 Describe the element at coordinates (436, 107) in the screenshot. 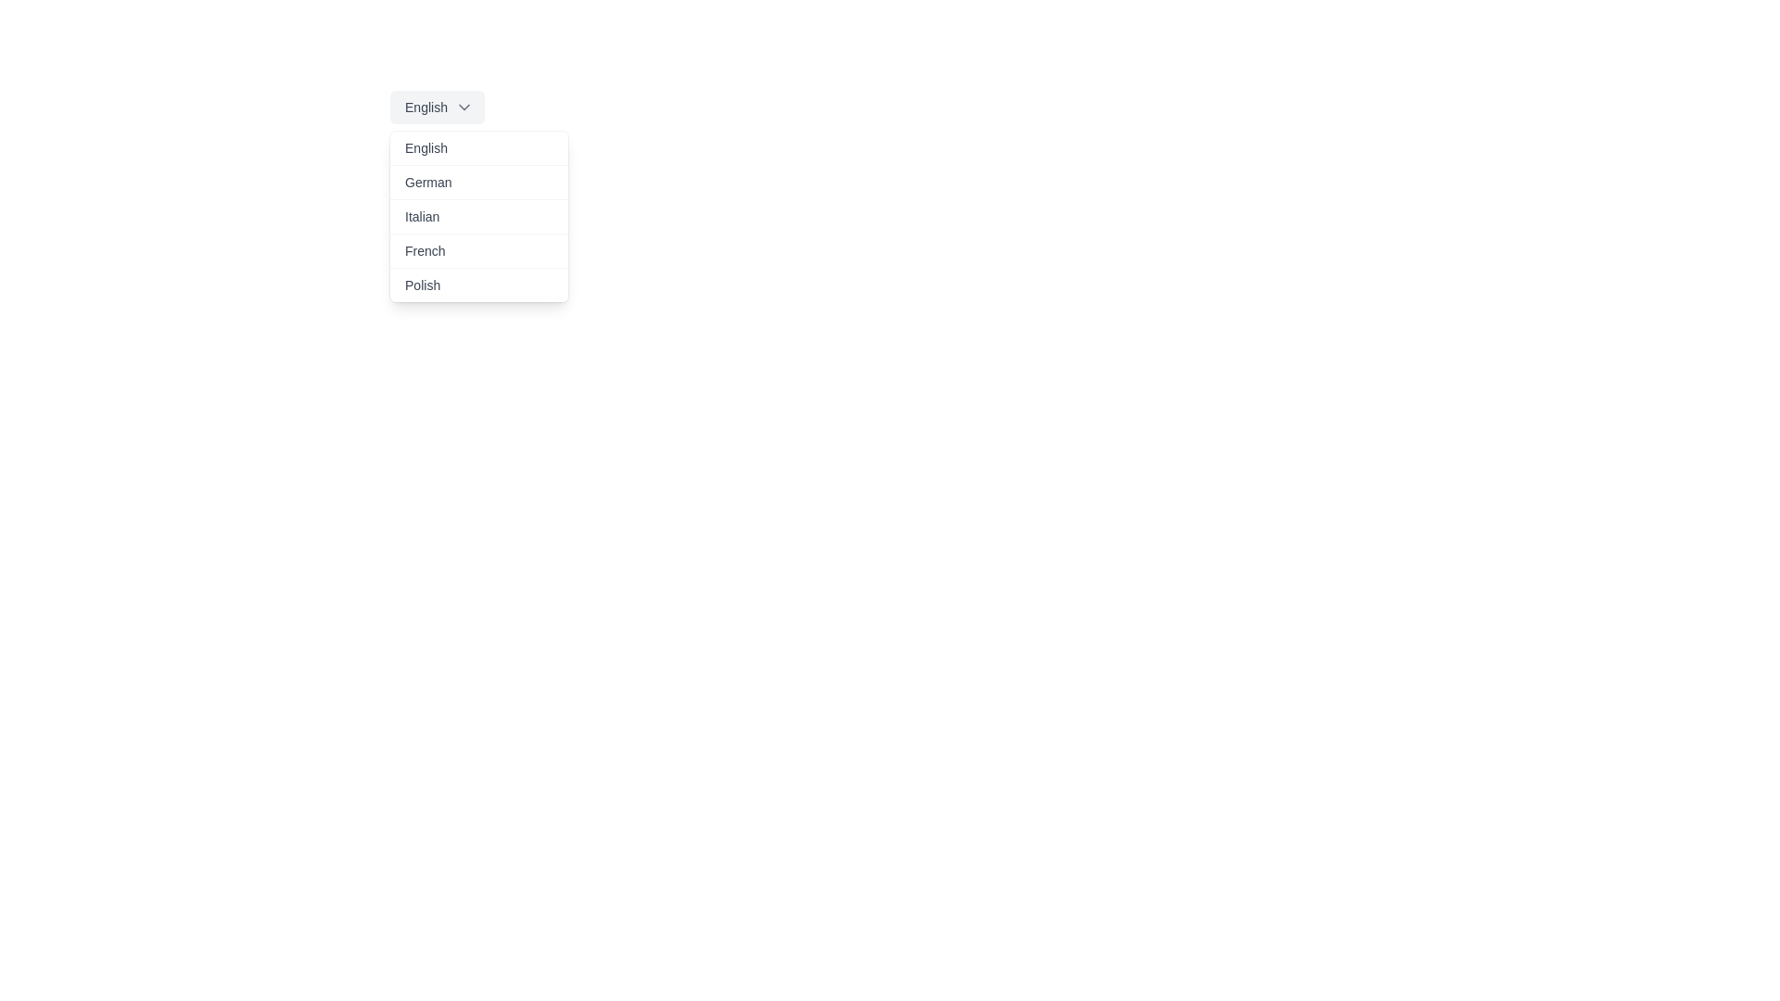

I see `the Dropdown menu toggle labeled 'English'` at that location.